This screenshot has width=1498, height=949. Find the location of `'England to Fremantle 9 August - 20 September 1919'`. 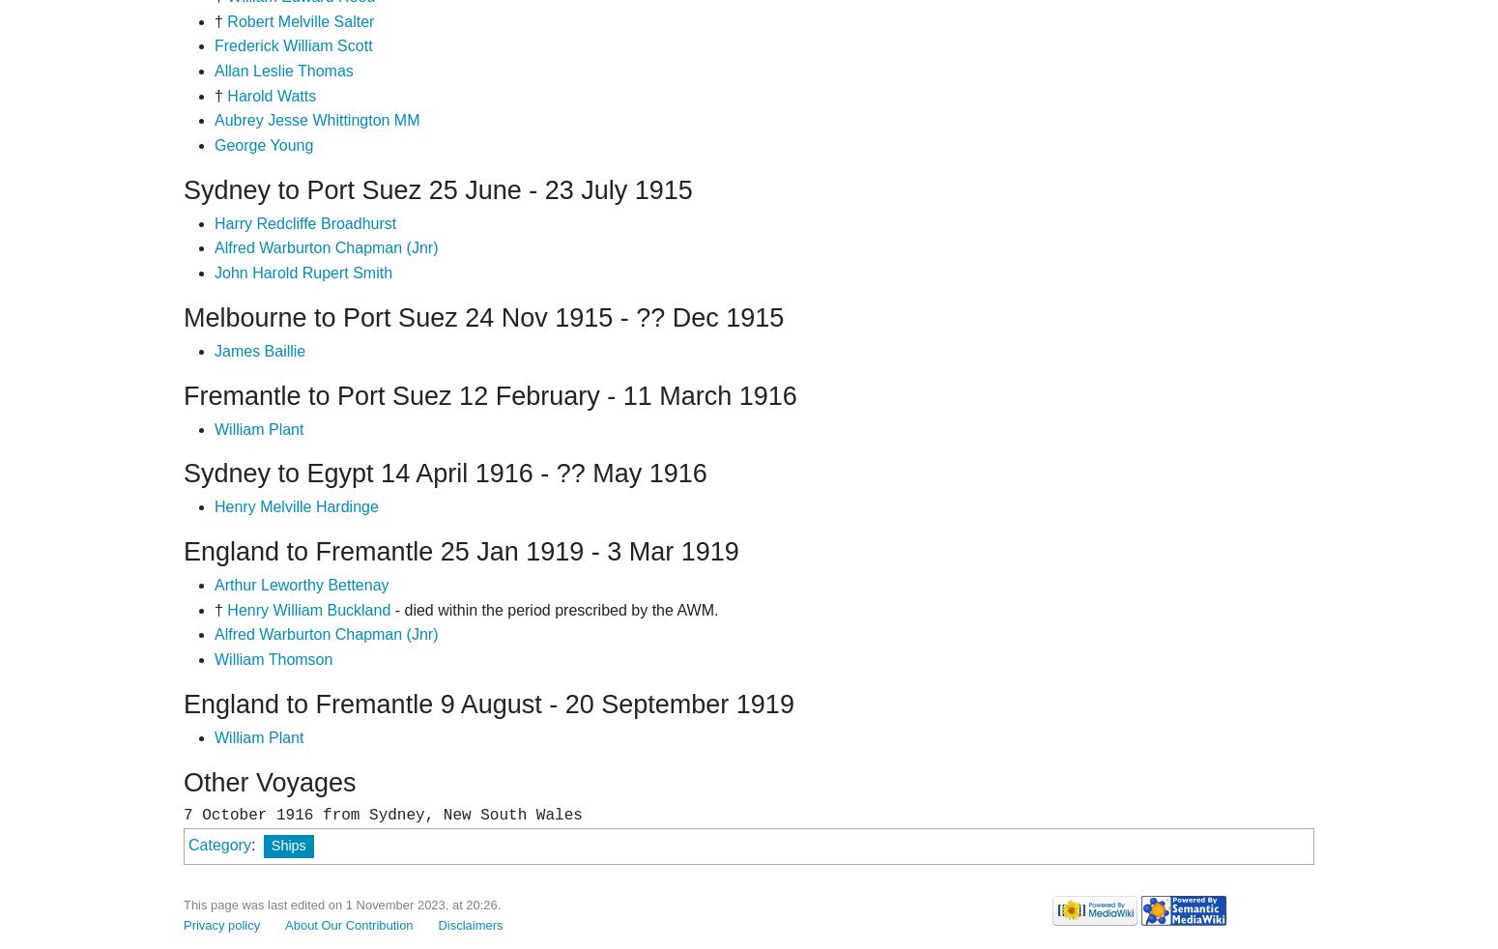

'England to Fremantle 9 August - 20 September 1919' is located at coordinates (487, 702).